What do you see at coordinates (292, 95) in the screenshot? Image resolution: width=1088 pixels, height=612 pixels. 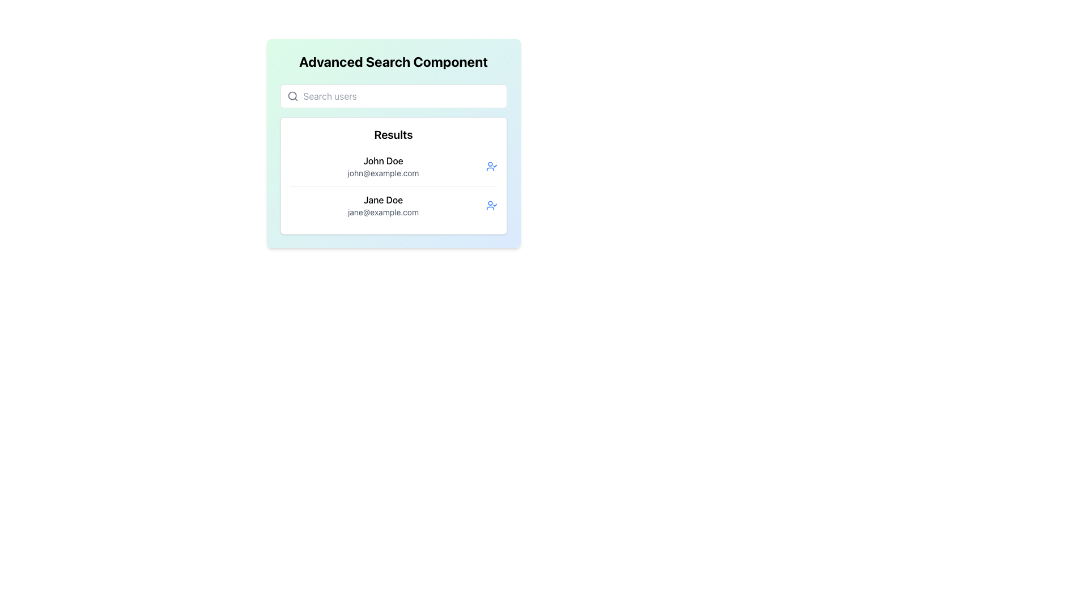 I see `the small solid circular graphical component that is part of the search icon to trigger the search bar functionality` at bounding box center [292, 95].